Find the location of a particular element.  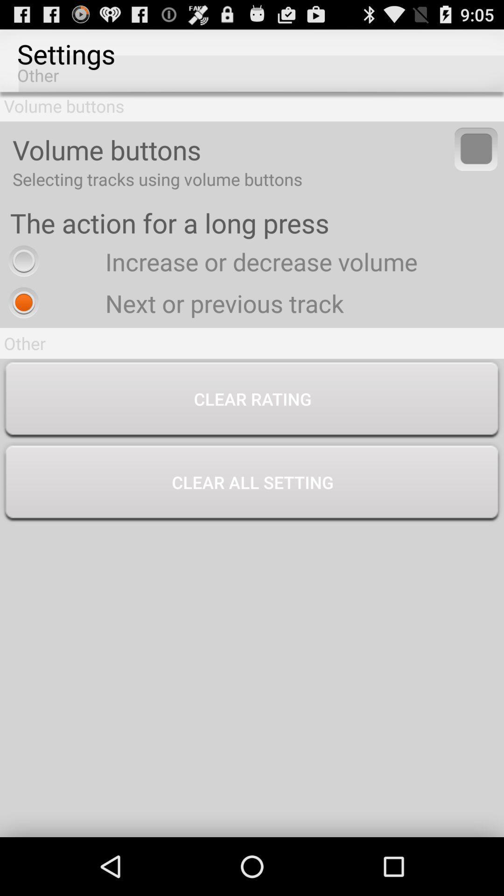

item next to volume buttons app is located at coordinates (476, 148).